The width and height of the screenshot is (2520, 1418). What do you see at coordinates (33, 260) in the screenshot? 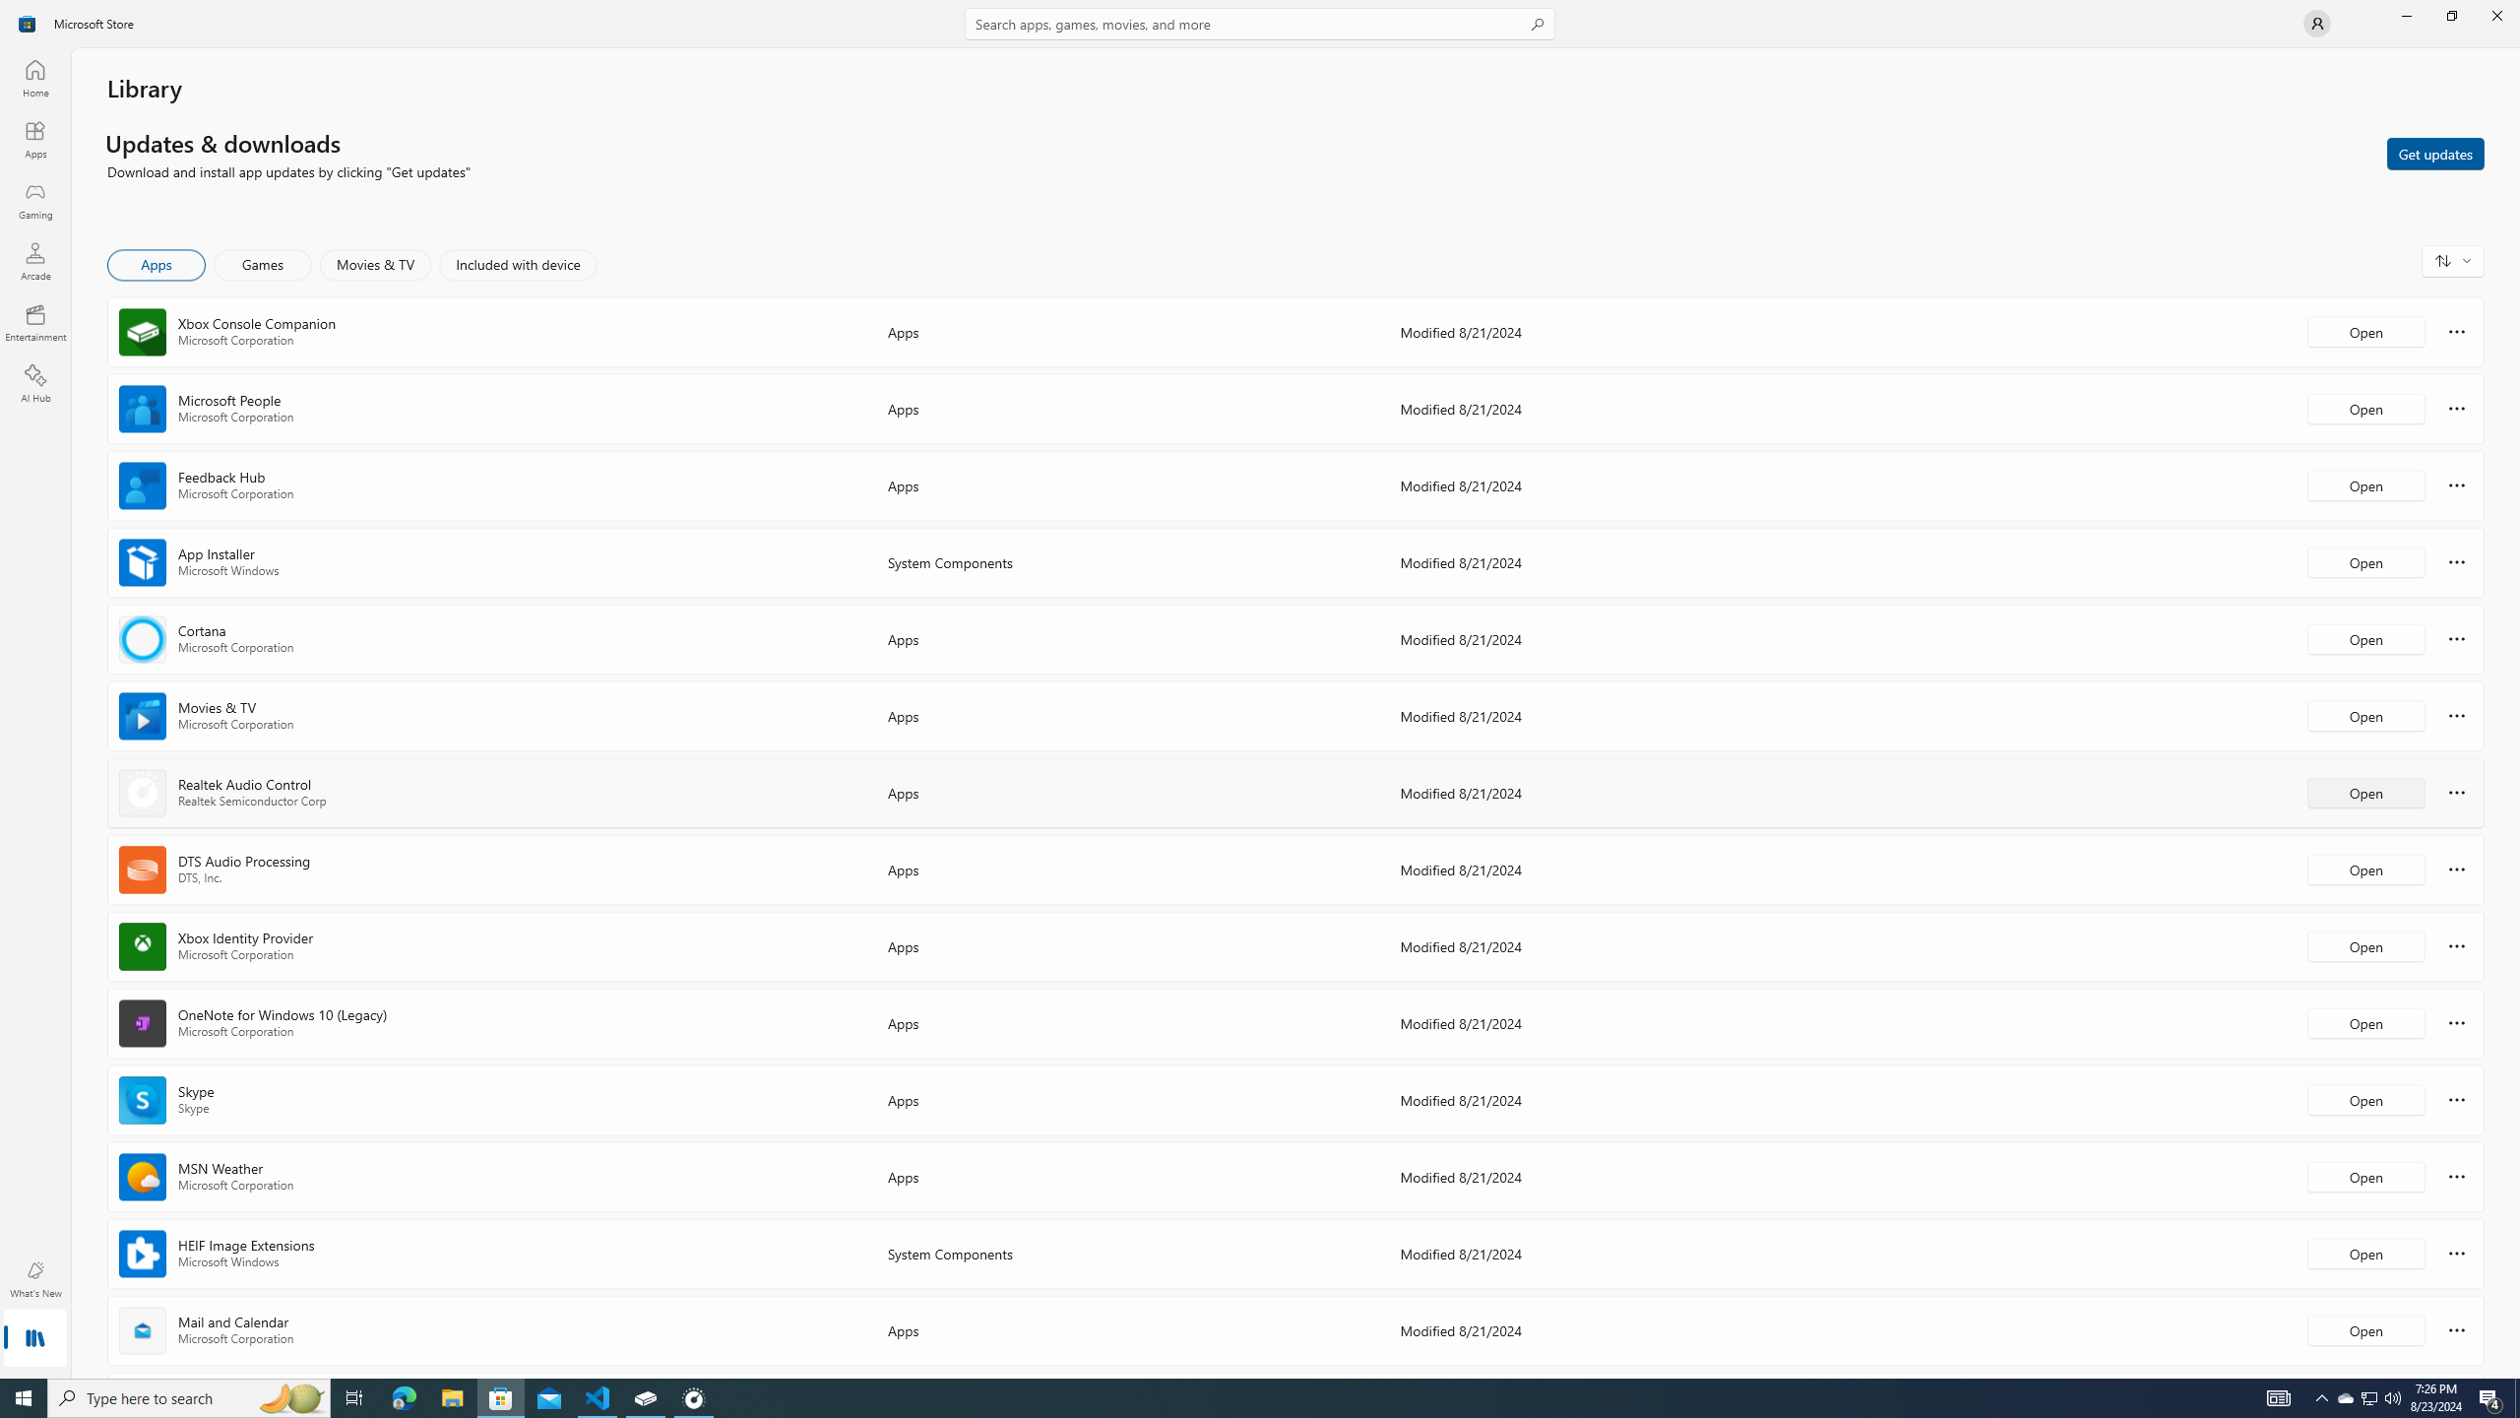
I see `'Arcade'` at bounding box center [33, 260].